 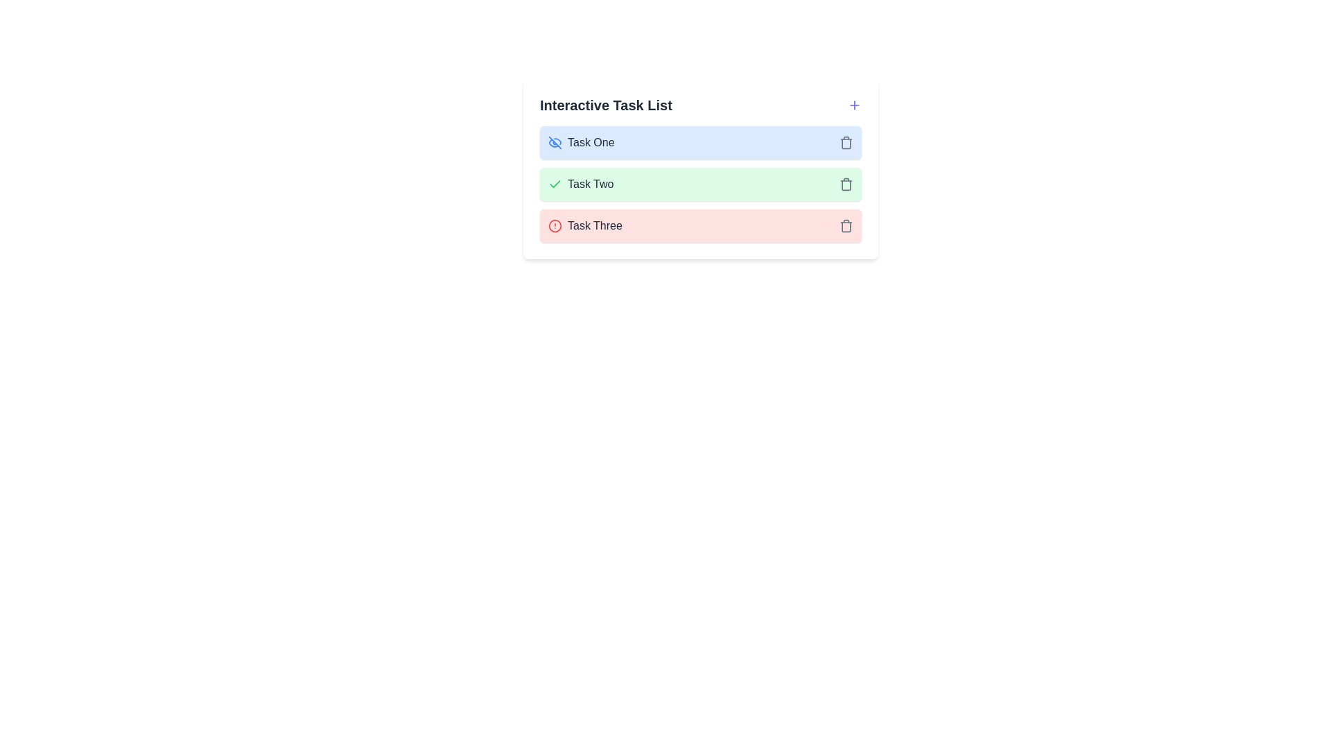 What do you see at coordinates (555, 142) in the screenshot?
I see `the blue eye icon with a diagonal line crossing it, located to the left of the 'Task One' text` at bounding box center [555, 142].